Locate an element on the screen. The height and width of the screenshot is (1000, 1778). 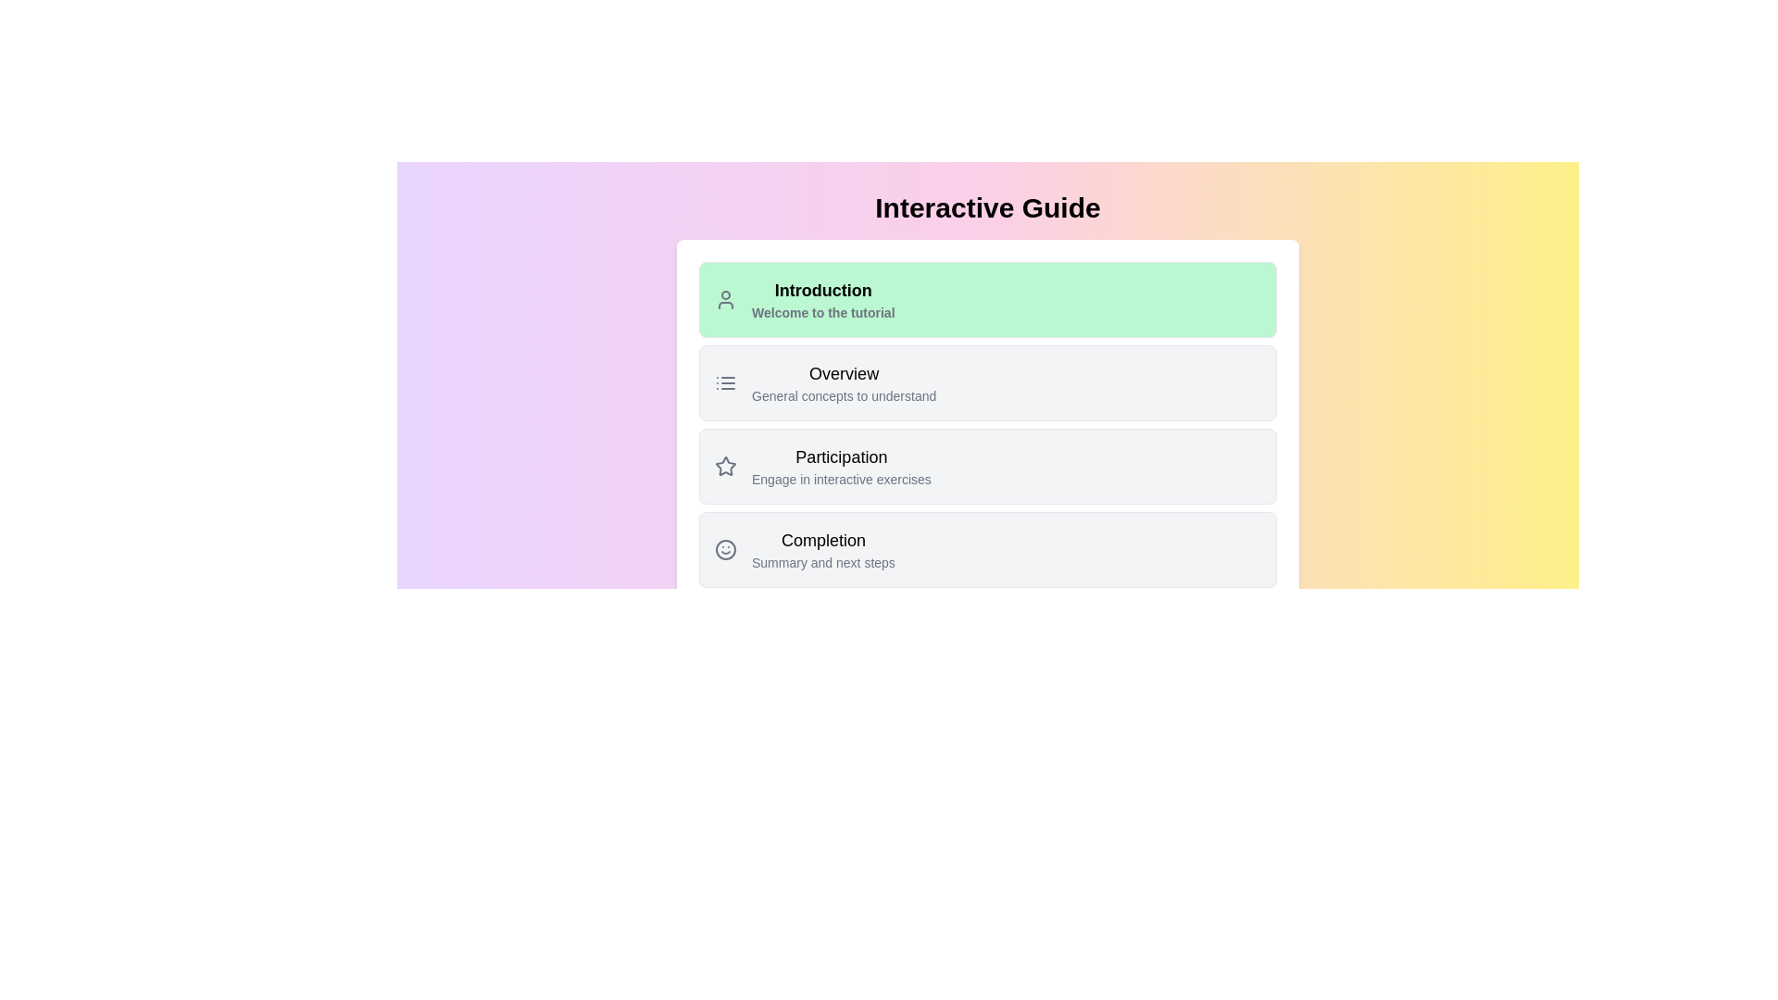
the Text Label that serves as a heading for the green section, which is located above the 'Welcome to the tutorial' text element is located at coordinates (822, 290).